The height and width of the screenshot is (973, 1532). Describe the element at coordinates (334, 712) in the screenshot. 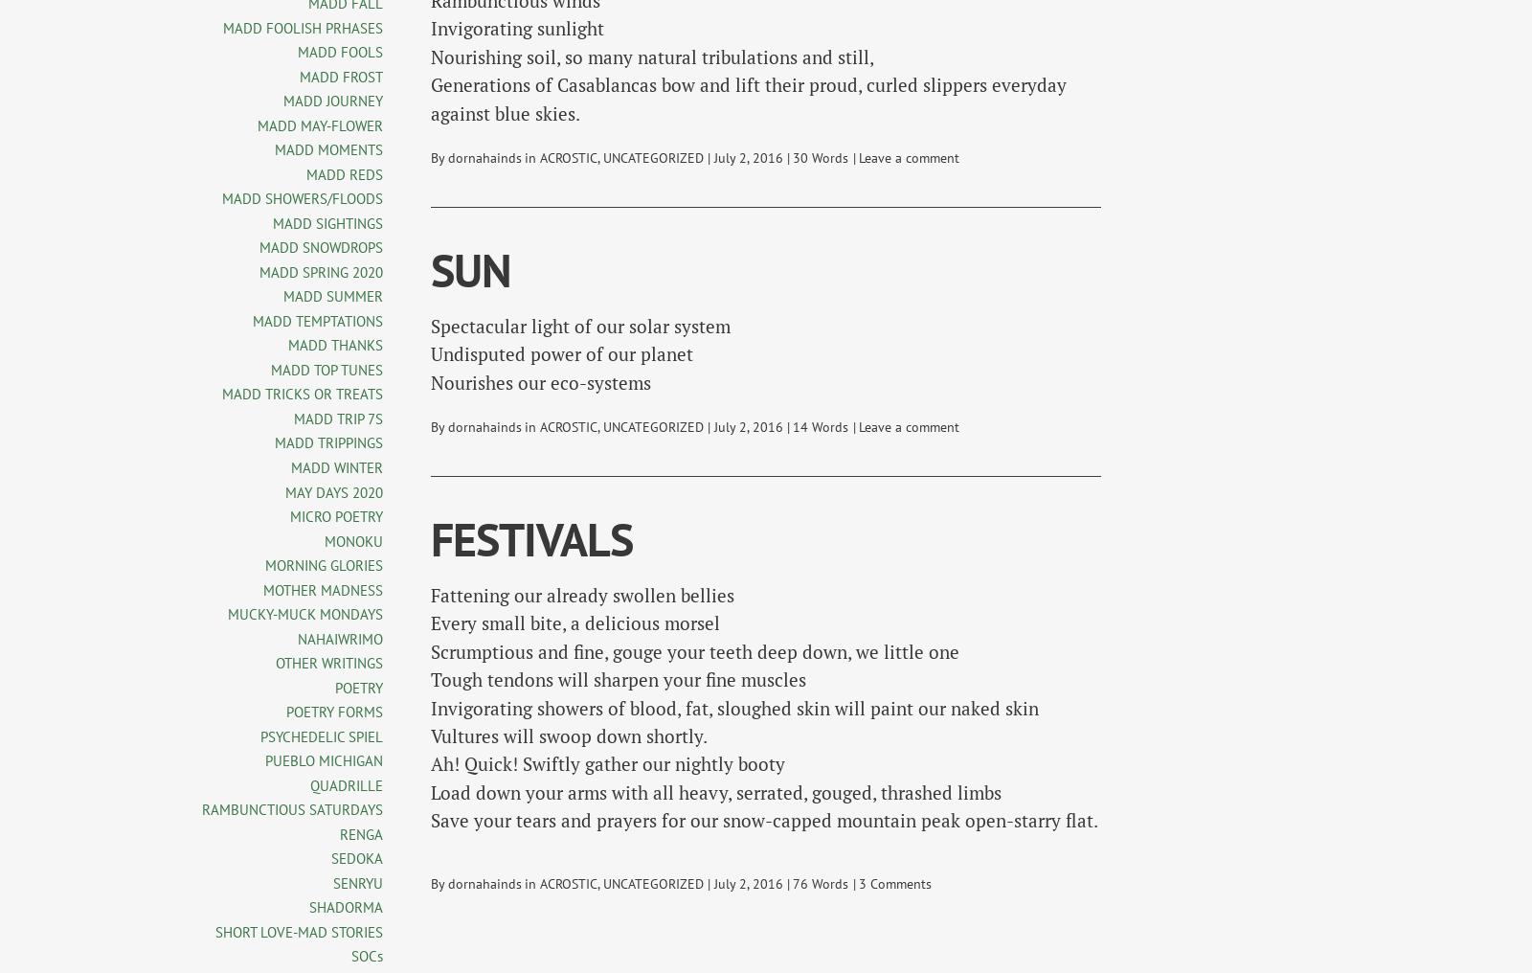

I see `'POETRY FORMS'` at that location.